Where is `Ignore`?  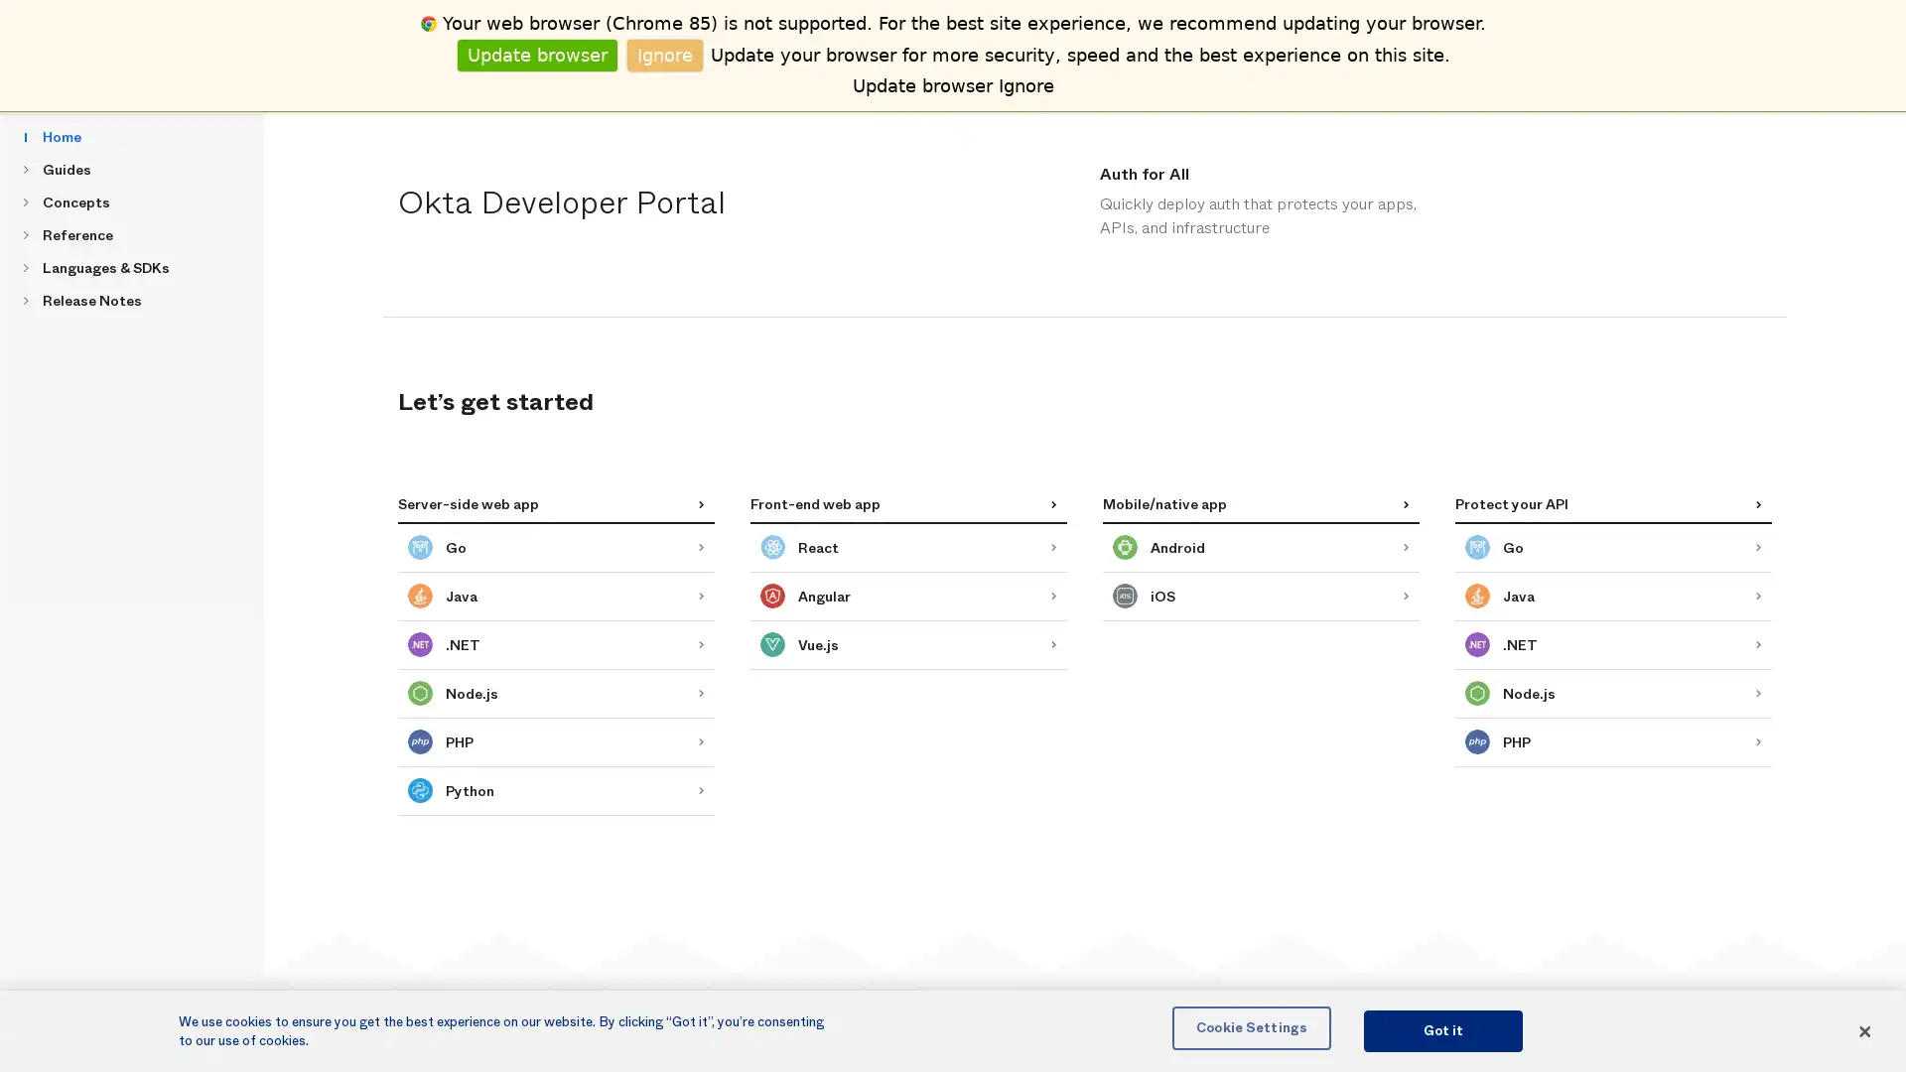
Ignore is located at coordinates (665, 54).